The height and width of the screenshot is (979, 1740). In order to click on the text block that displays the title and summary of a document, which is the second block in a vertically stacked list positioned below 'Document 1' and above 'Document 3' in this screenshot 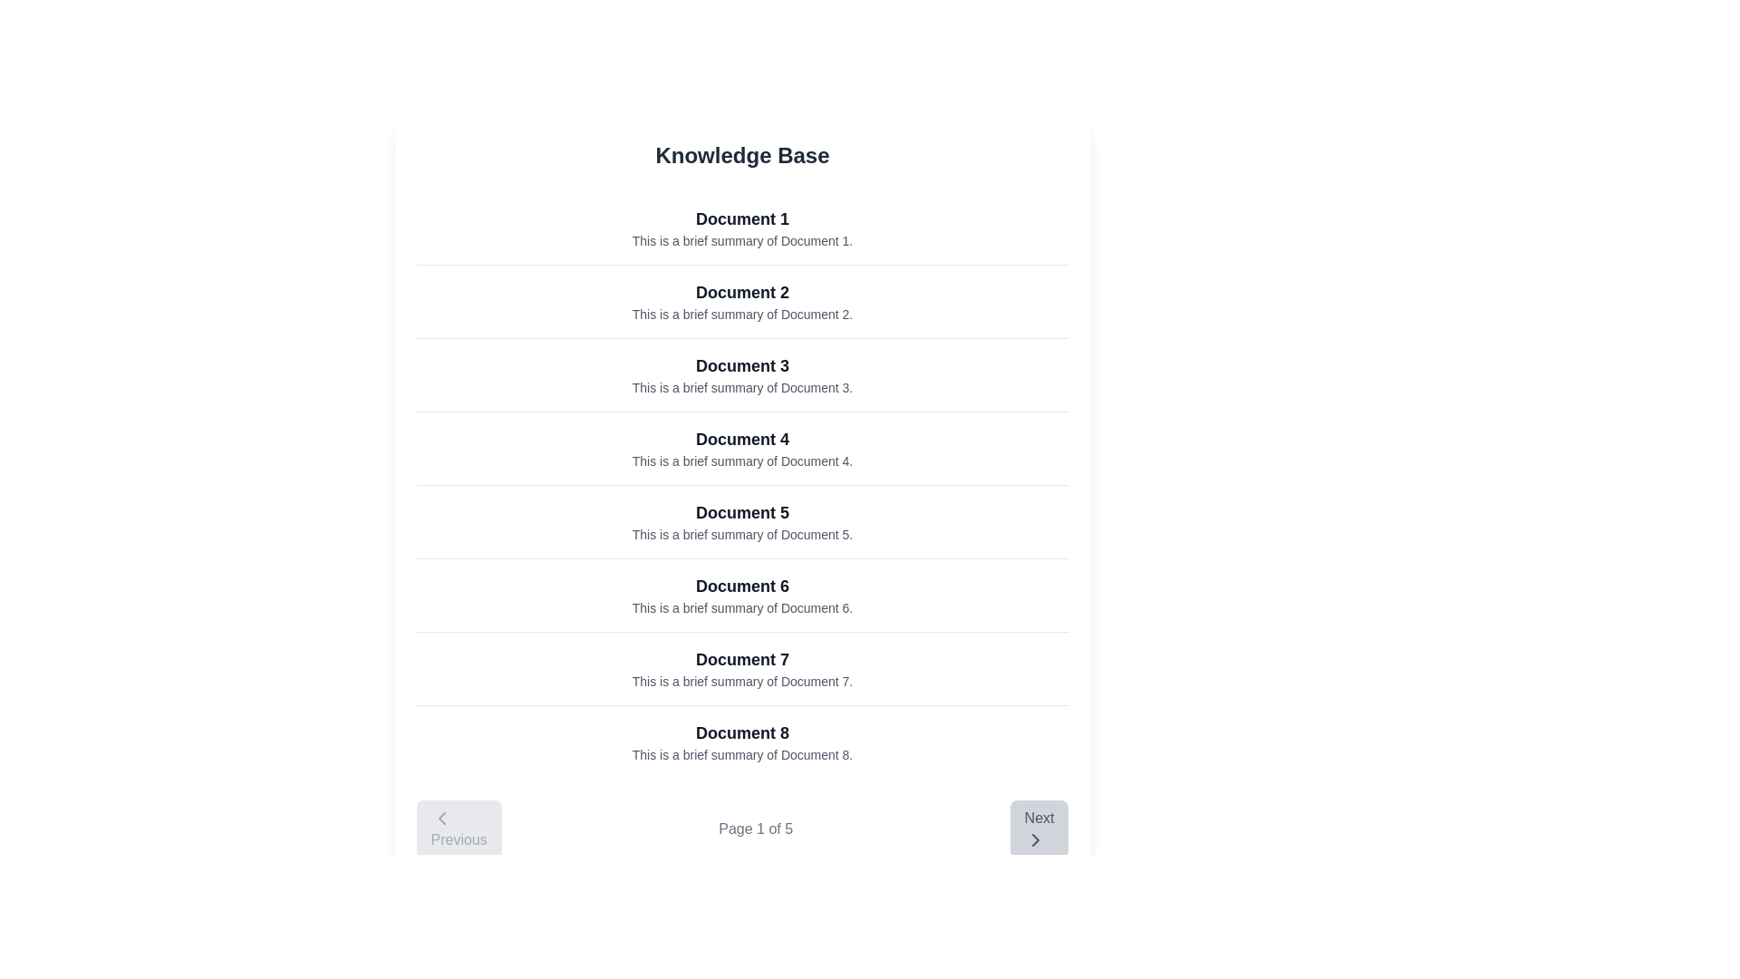, I will do `click(742, 300)`.